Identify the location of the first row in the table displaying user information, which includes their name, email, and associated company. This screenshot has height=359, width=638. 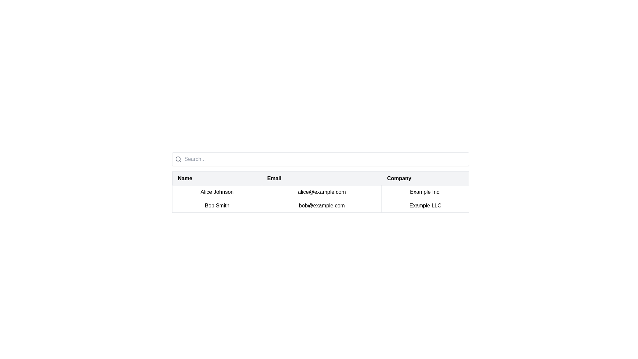
(320, 192).